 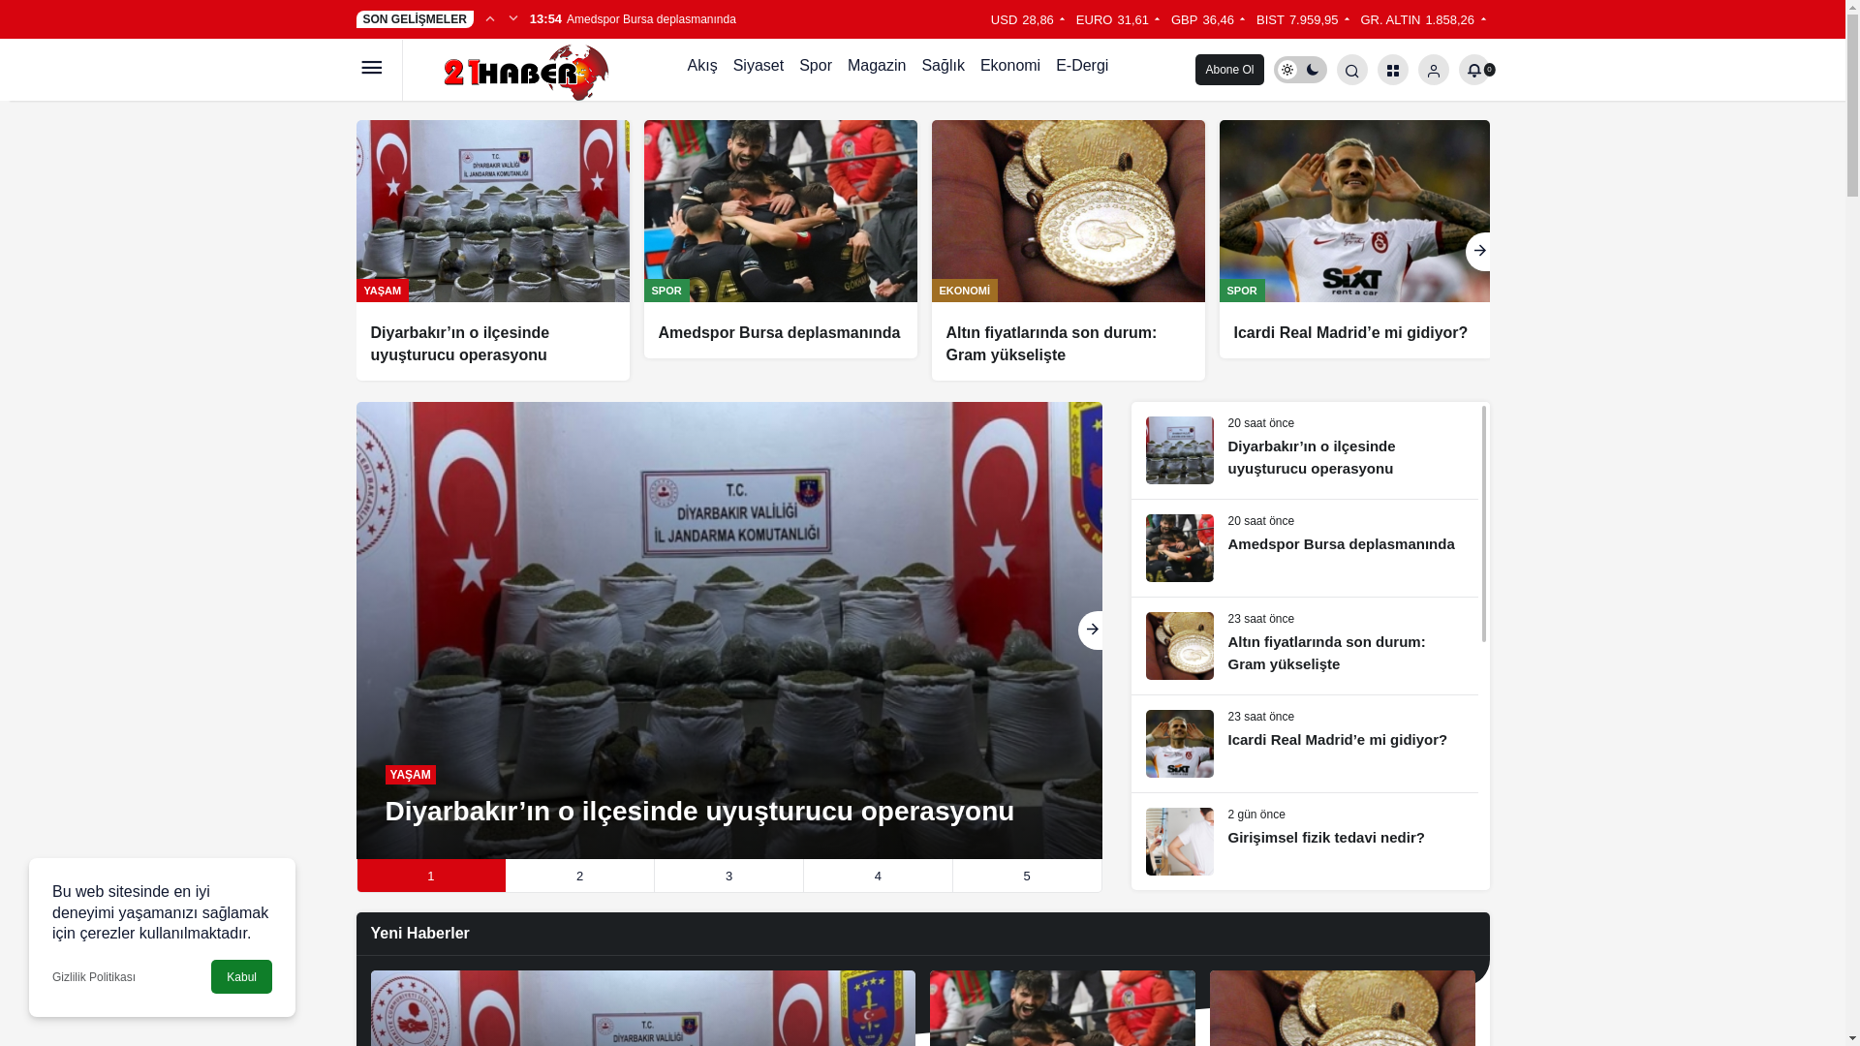 I want to click on '5', so click(x=1022, y=876).